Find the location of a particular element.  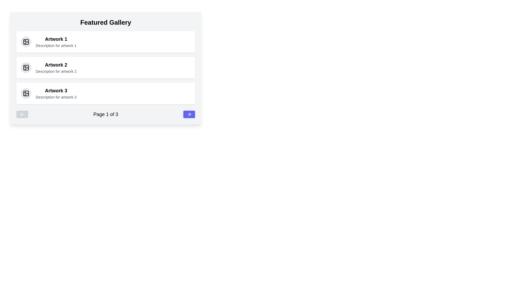

the title text label of the first artwork entry in the 'Featured Gallery' section is located at coordinates (56, 39).